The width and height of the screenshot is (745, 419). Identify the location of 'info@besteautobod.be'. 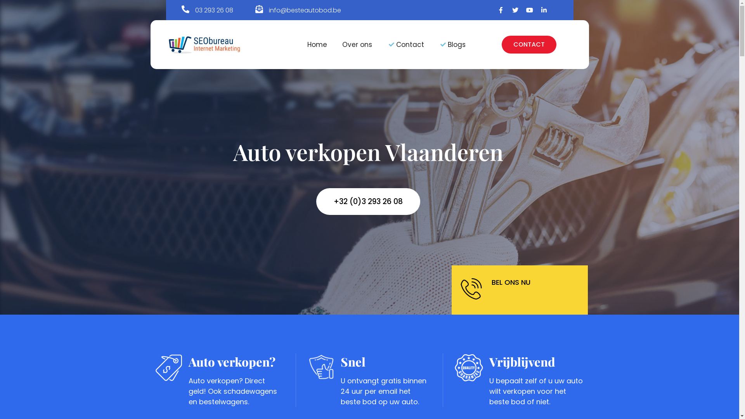
(305, 10).